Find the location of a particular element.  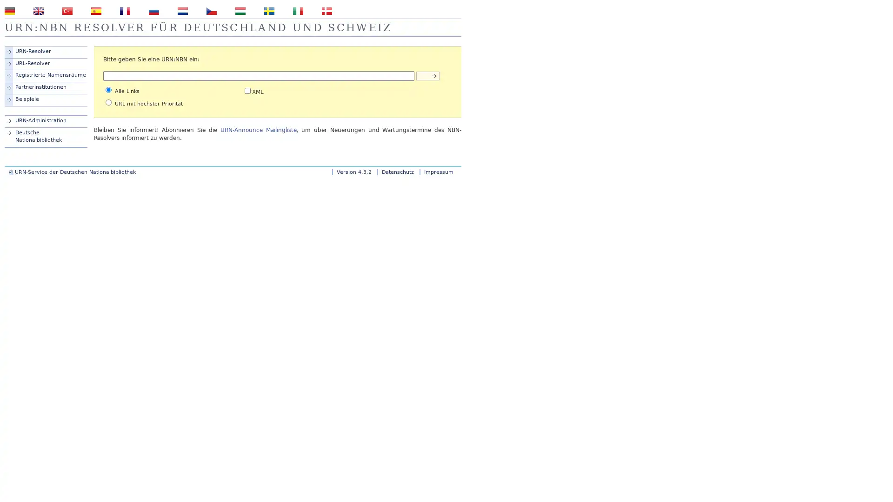

es is located at coordinates (96, 11).